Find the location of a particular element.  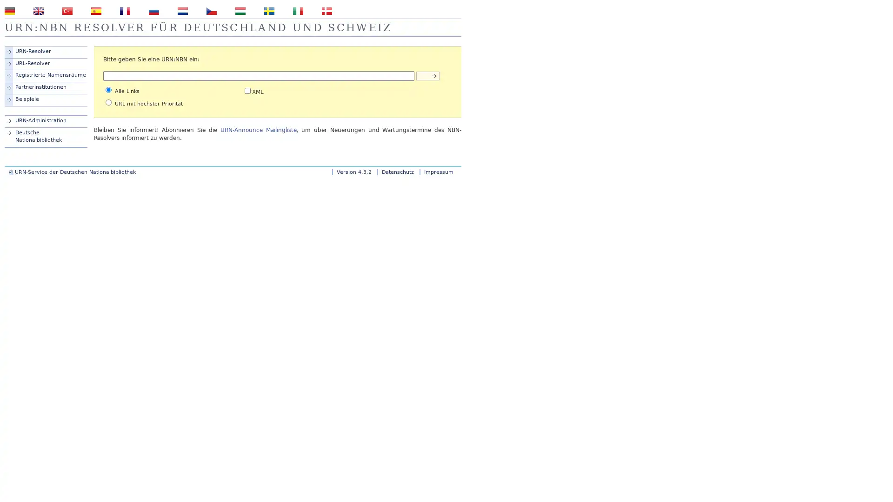

es is located at coordinates (96, 11).